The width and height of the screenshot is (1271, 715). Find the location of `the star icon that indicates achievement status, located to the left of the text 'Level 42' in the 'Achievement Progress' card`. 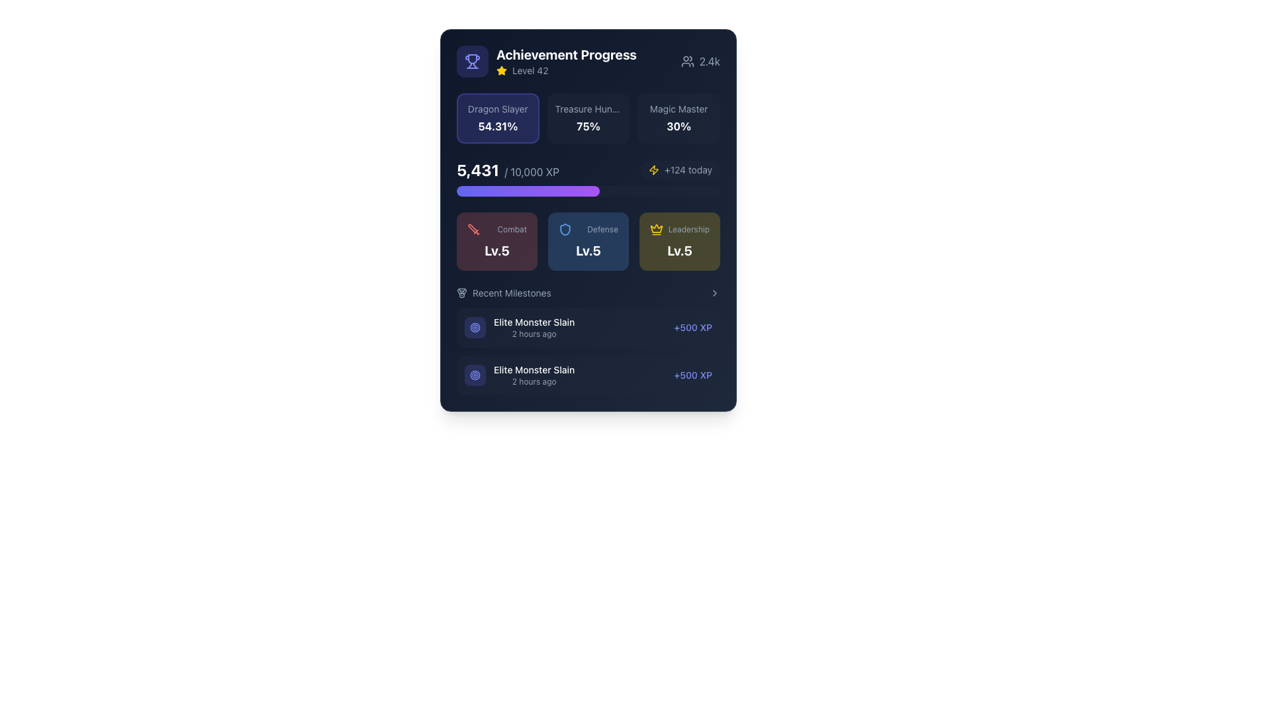

the star icon that indicates achievement status, located to the left of the text 'Level 42' in the 'Achievement Progress' card is located at coordinates (501, 70).